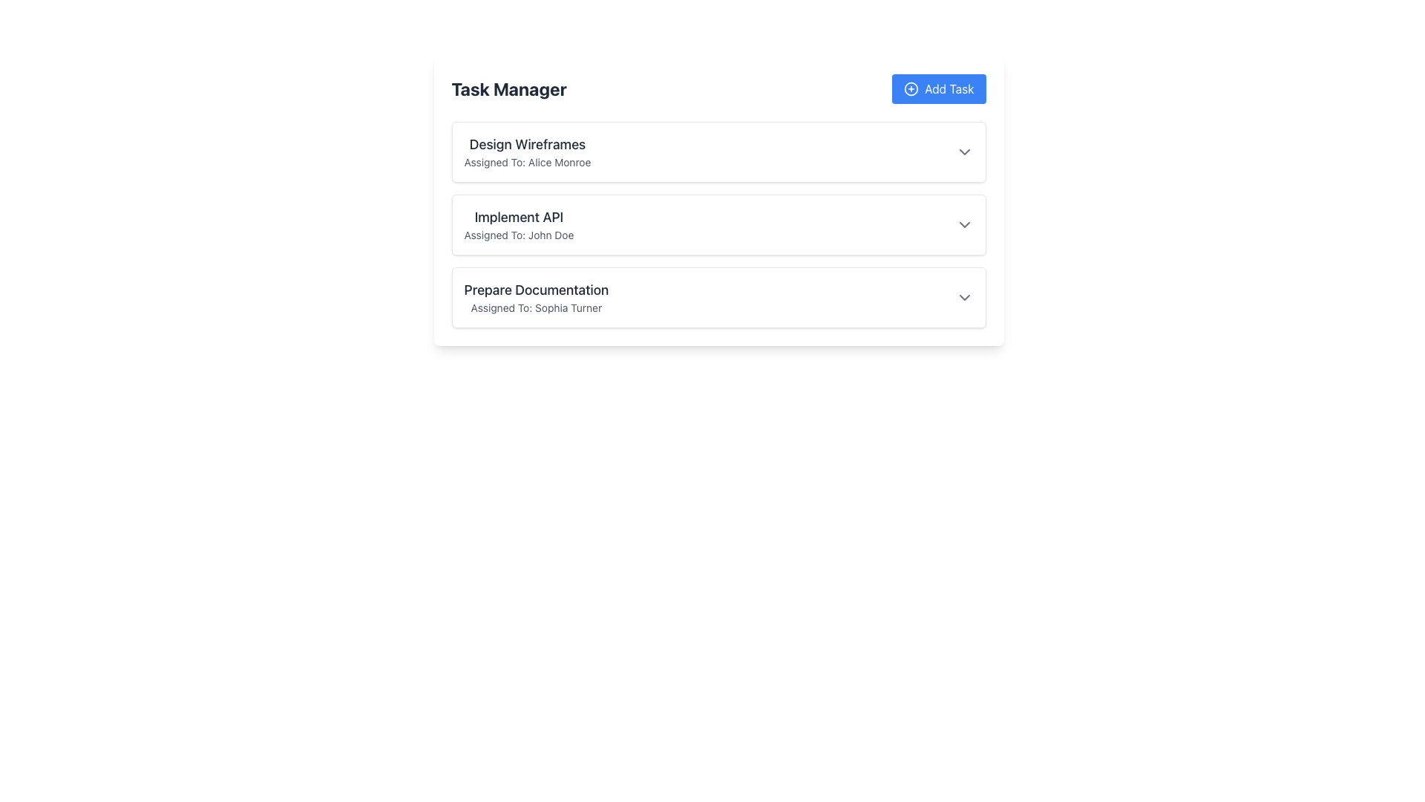 Image resolution: width=1425 pixels, height=802 pixels. Describe the element at coordinates (718, 225) in the screenshot. I see `the Task card displaying 'Implement API' and 'Assigned To: John Doe', which is the second task item in the list` at that location.